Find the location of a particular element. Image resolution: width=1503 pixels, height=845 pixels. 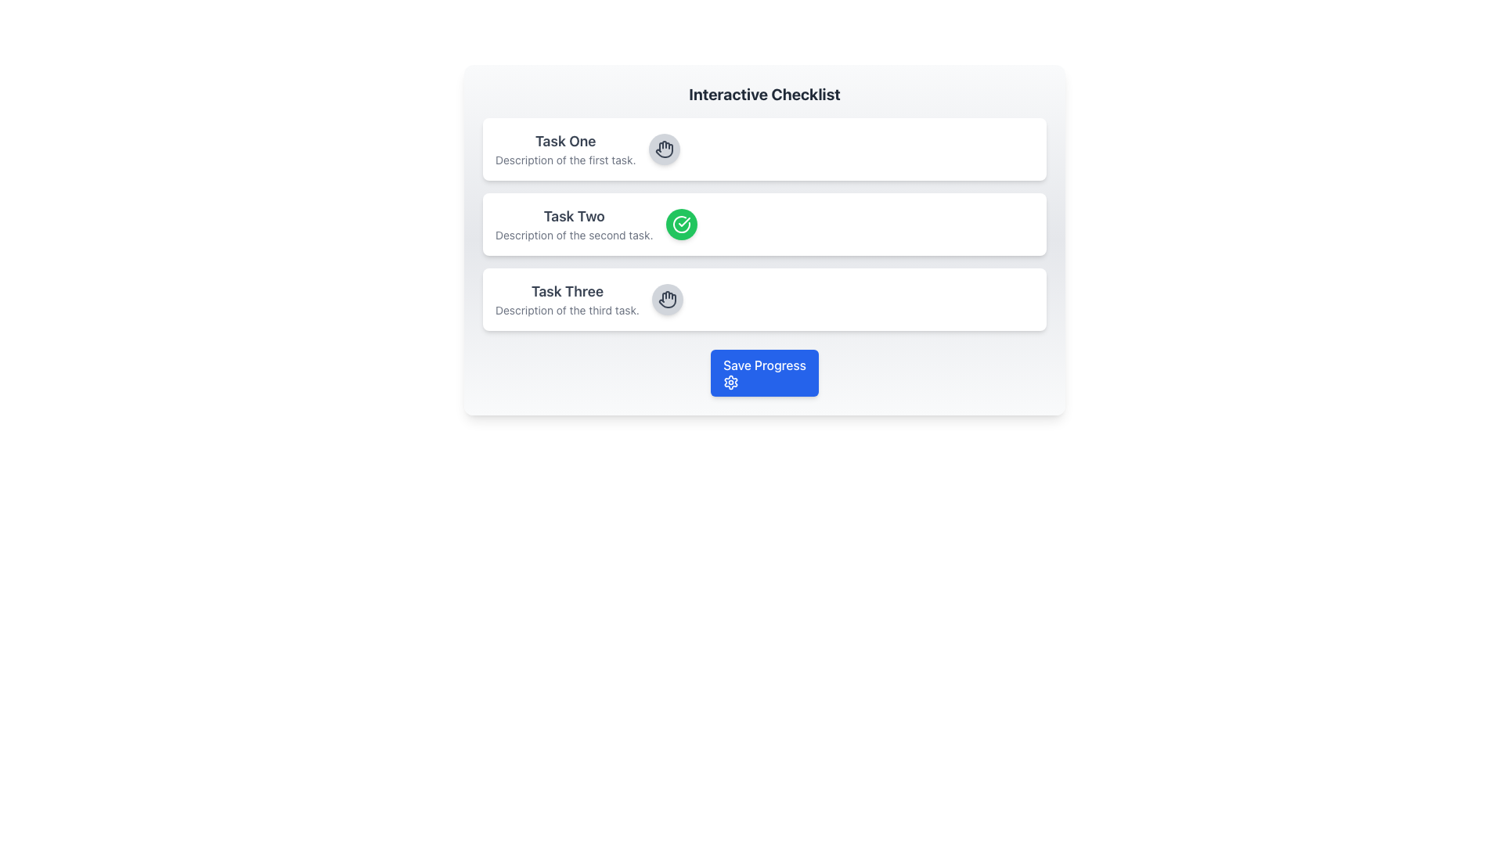

the header text that identifies the second task in the interactive checklist is located at coordinates (573, 217).